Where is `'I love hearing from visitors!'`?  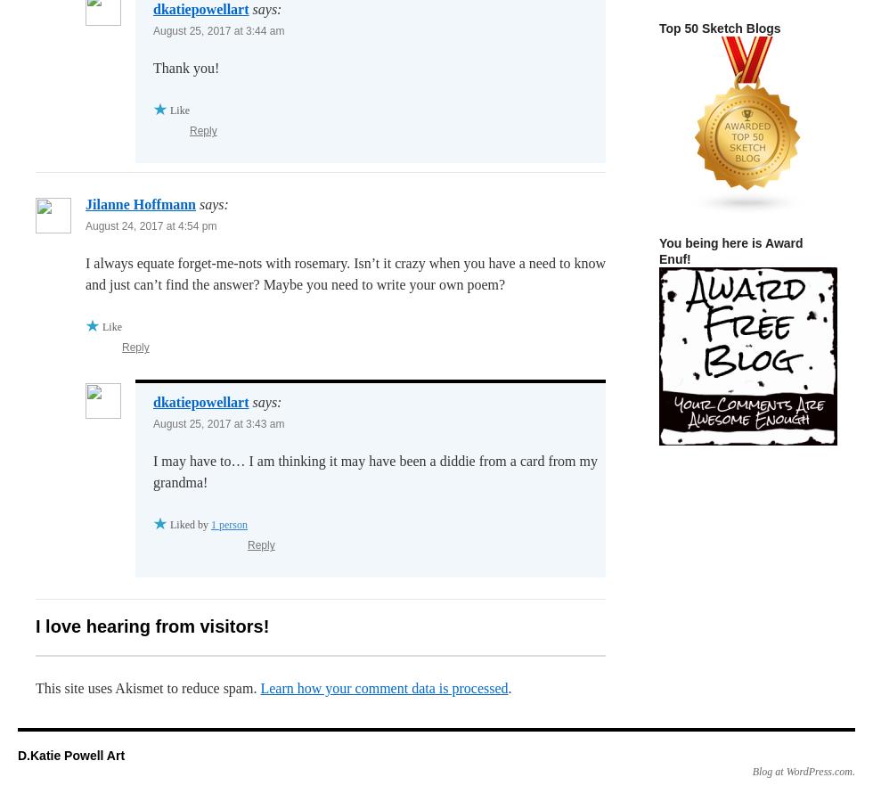 'I love hearing from visitors!' is located at coordinates (152, 626).